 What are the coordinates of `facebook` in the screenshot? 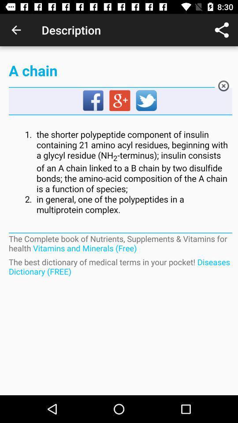 It's located at (93, 101).